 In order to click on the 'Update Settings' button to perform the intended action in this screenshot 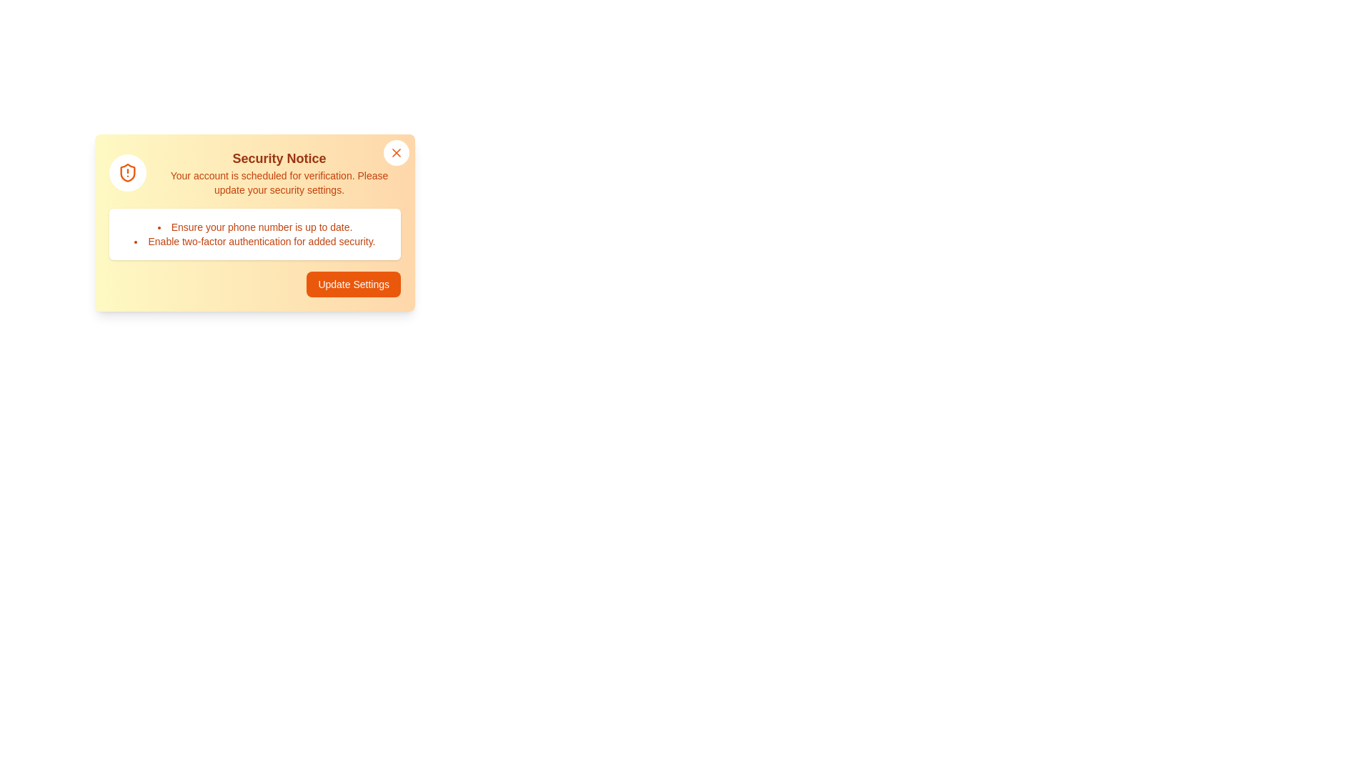, I will do `click(353, 284)`.